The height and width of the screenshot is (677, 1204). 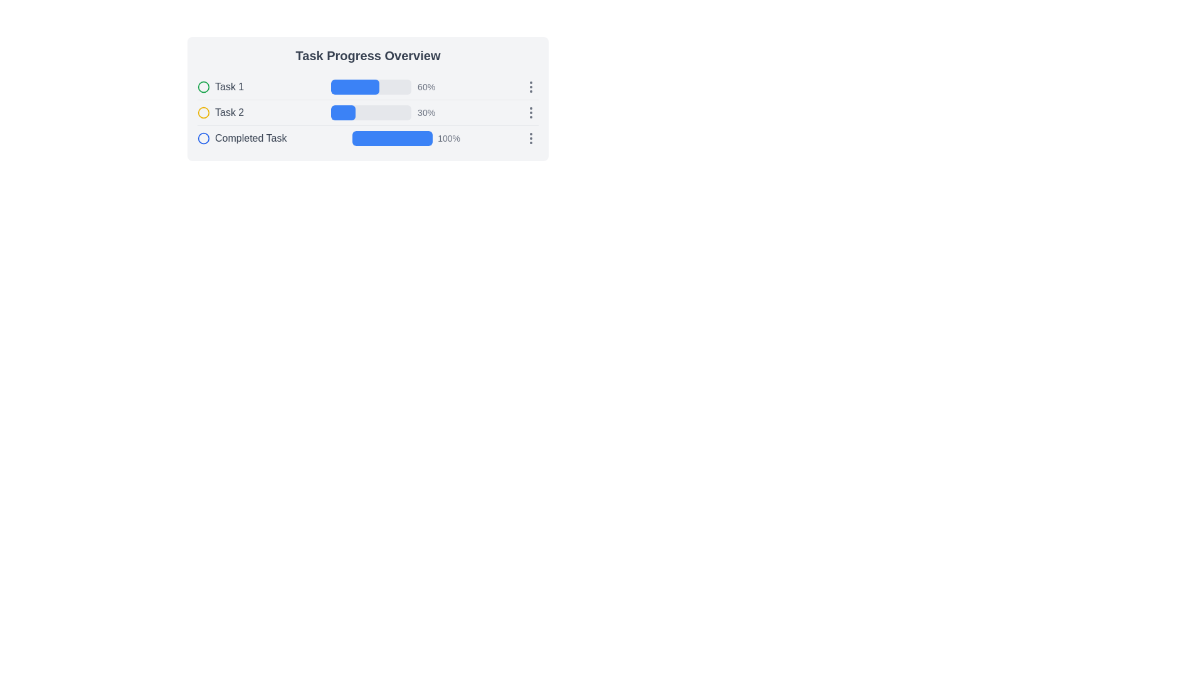 I want to click on the 'Task Progress Overview' widget, so click(x=367, y=98).